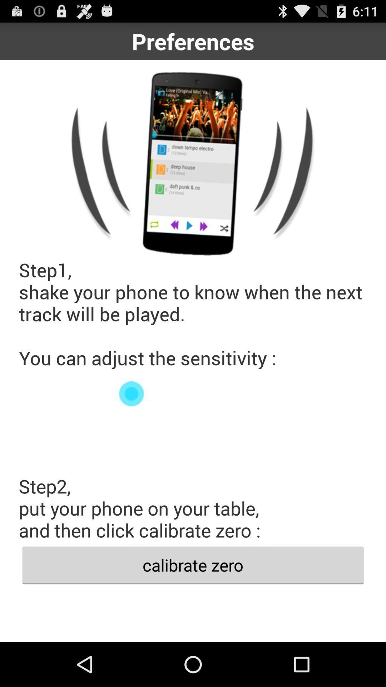  Describe the element at coordinates (193, 393) in the screenshot. I see `item above the step2 put your item` at that location.